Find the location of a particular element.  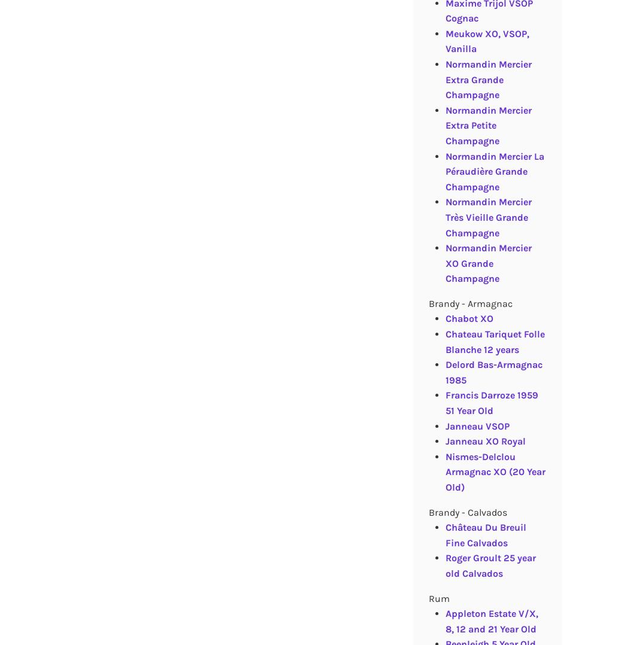

'Rum' is located at coordinates (427, 598).